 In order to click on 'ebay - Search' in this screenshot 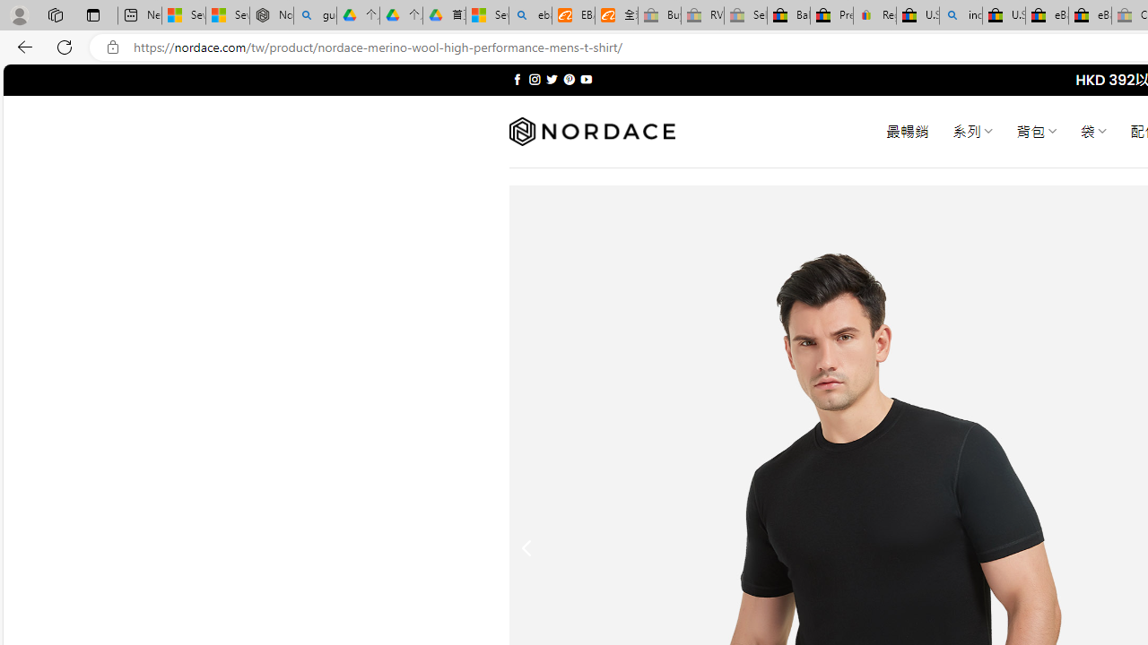, I will do `click(530, 15)`.